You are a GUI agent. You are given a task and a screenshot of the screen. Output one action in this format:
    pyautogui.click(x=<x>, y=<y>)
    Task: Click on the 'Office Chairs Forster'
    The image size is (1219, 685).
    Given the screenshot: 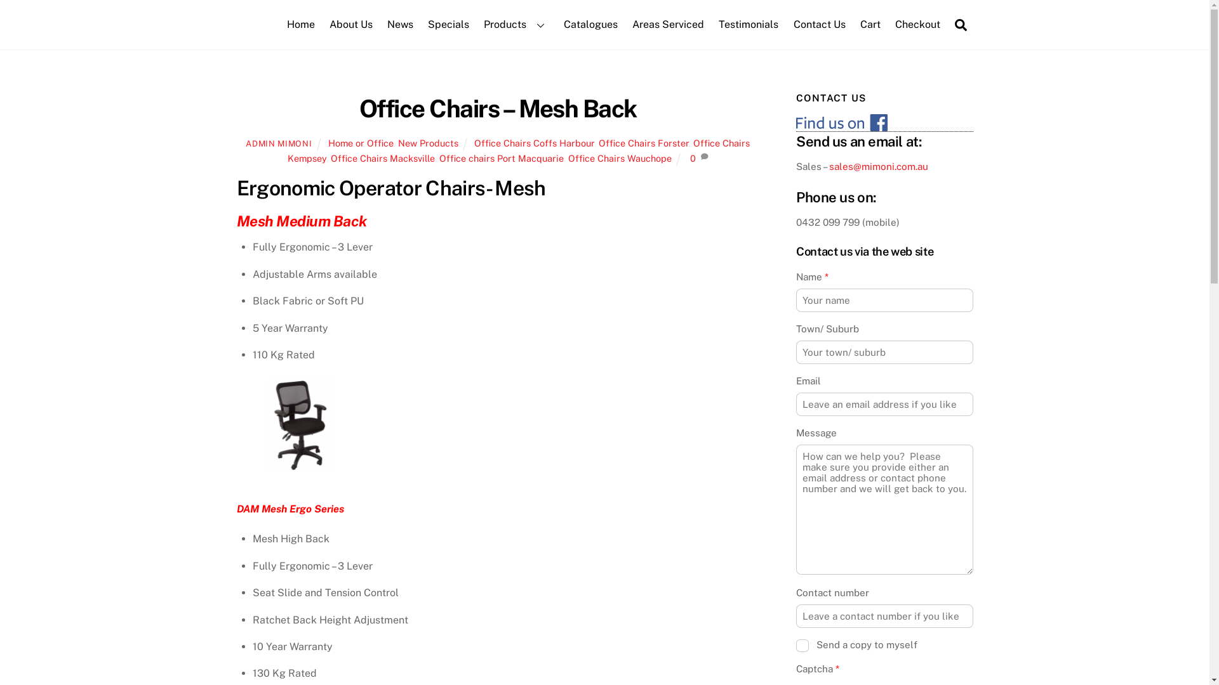 What is the action you would take?
    pyautogui.click(x=643, y=143)
    